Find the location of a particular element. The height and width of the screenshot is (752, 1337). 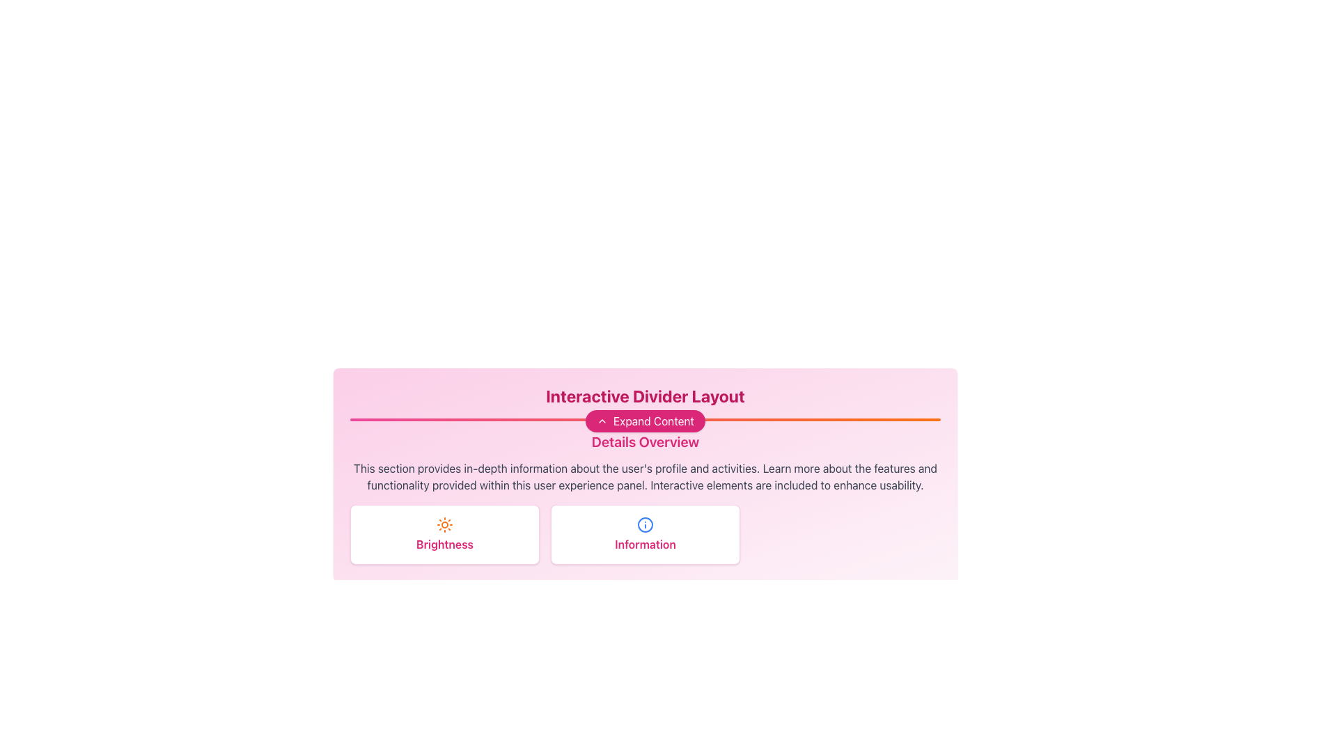

the text element that labels or describes the purpose of the card, located at the bottom-center of the interface under the blue information icon is located at coordinates (644, 544).